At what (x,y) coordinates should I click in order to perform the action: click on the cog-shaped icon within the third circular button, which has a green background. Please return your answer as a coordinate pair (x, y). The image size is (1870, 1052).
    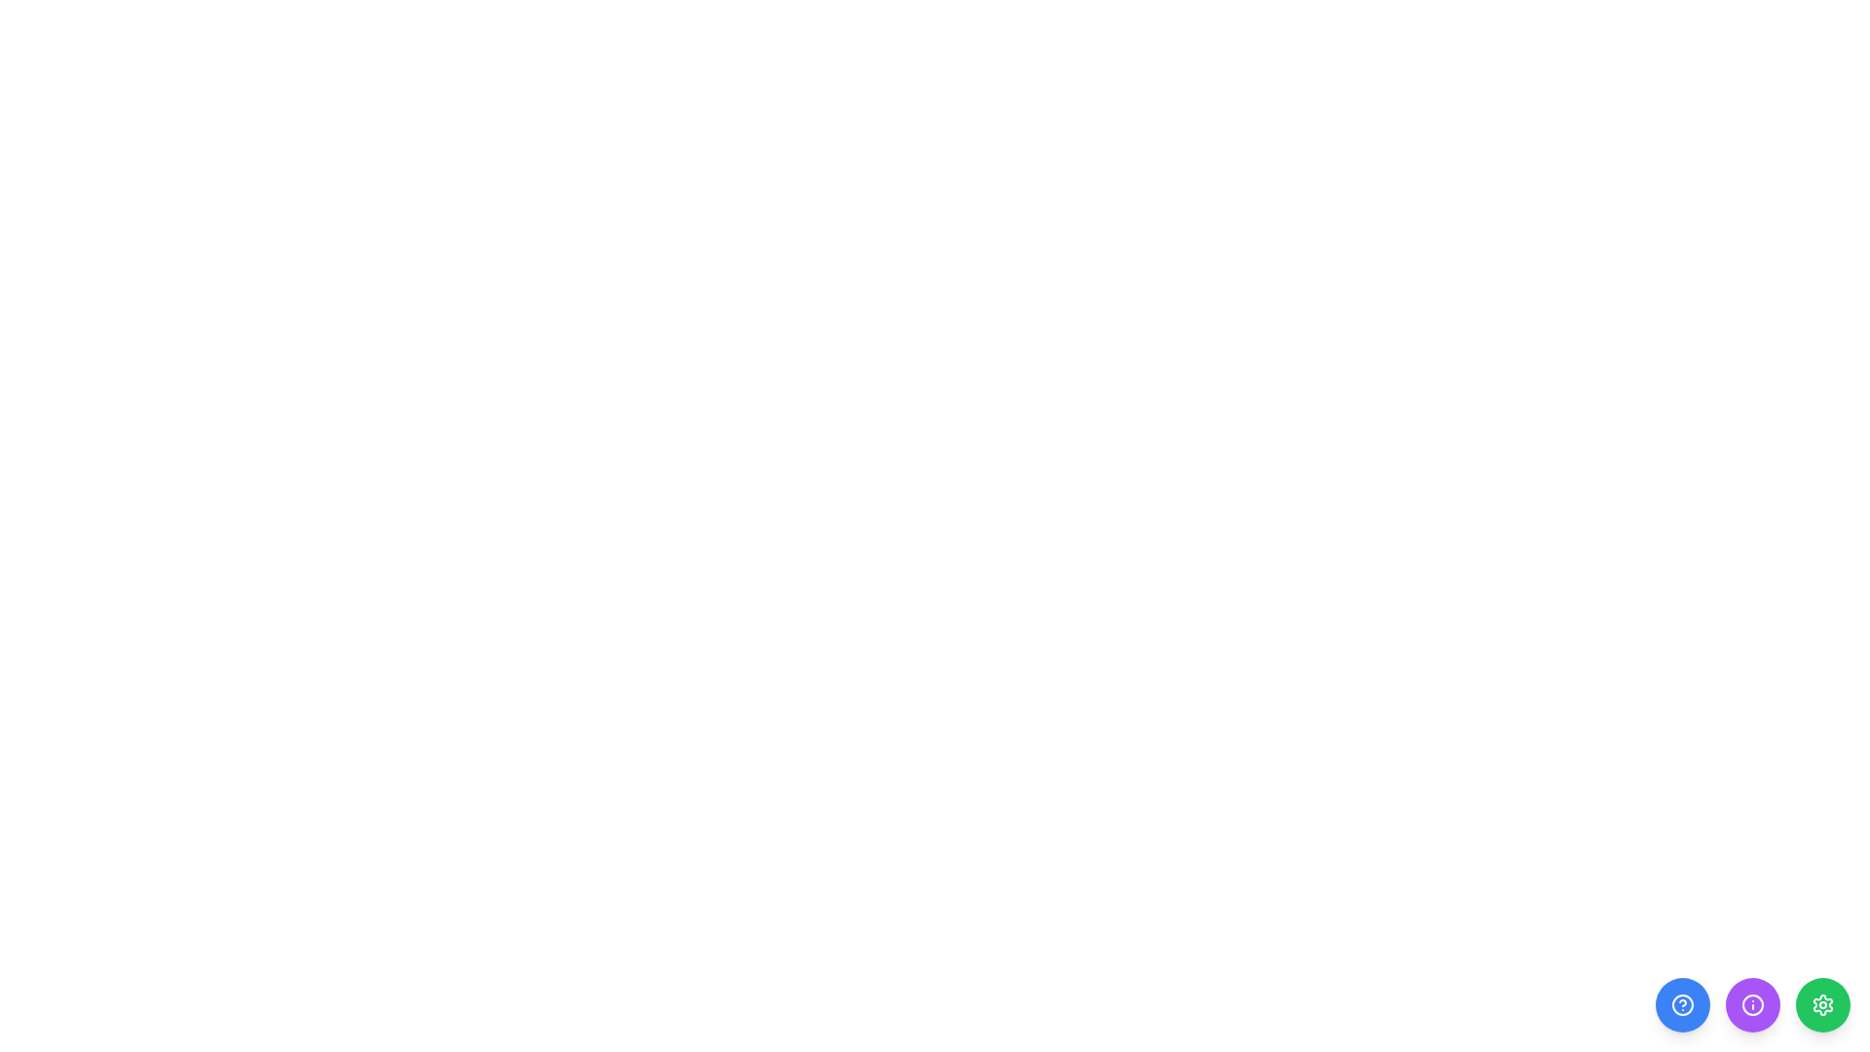
    Looking at the image, I should click on (1822, 1005).